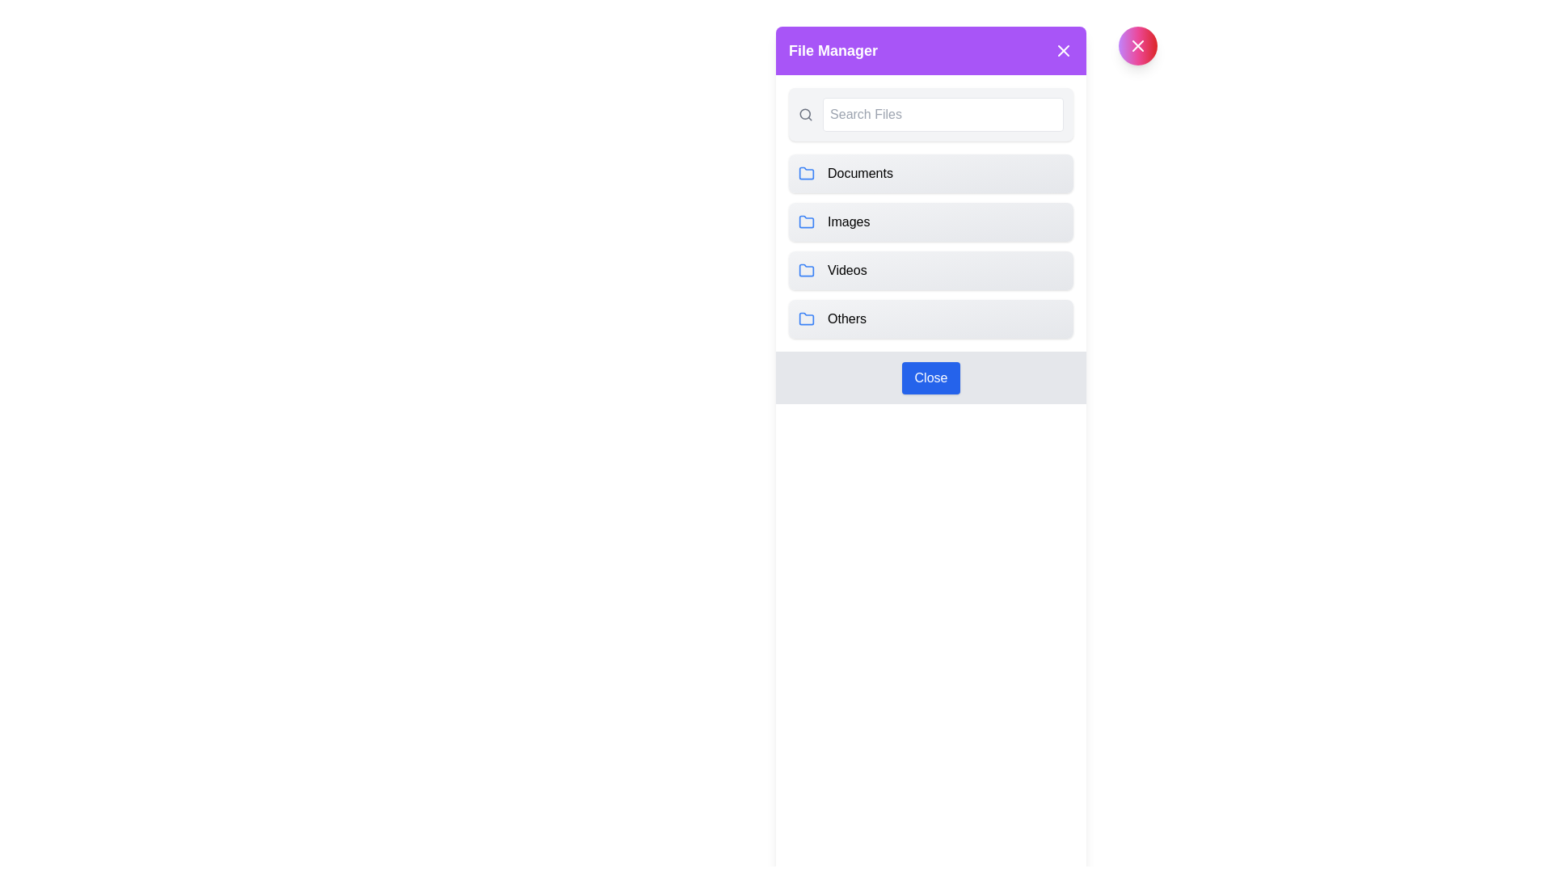 The height and width of the screenshot is (873, 1552). I want to click on the topmost button labeled 'Documents' in the file manager interface, so click(931, 174).